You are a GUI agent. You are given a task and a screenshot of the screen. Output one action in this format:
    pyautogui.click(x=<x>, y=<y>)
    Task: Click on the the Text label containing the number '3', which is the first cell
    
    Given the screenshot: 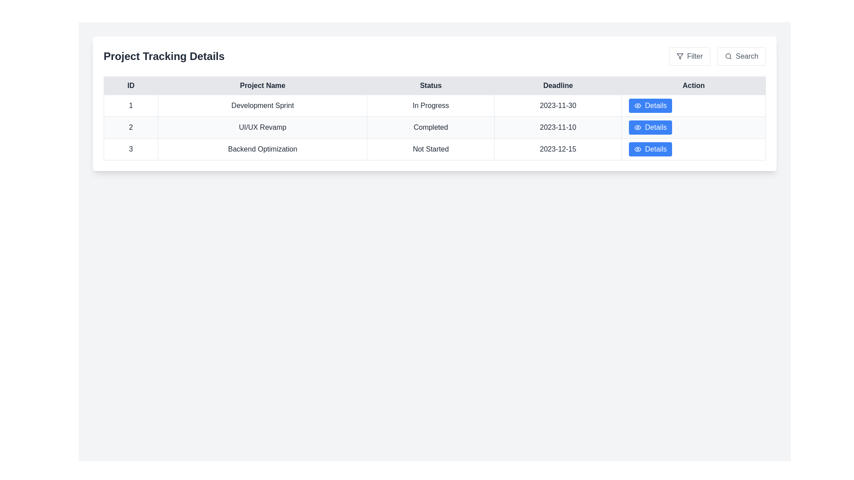 What is the action you would take?
    pyautogui.click(x=130, y=148)
    